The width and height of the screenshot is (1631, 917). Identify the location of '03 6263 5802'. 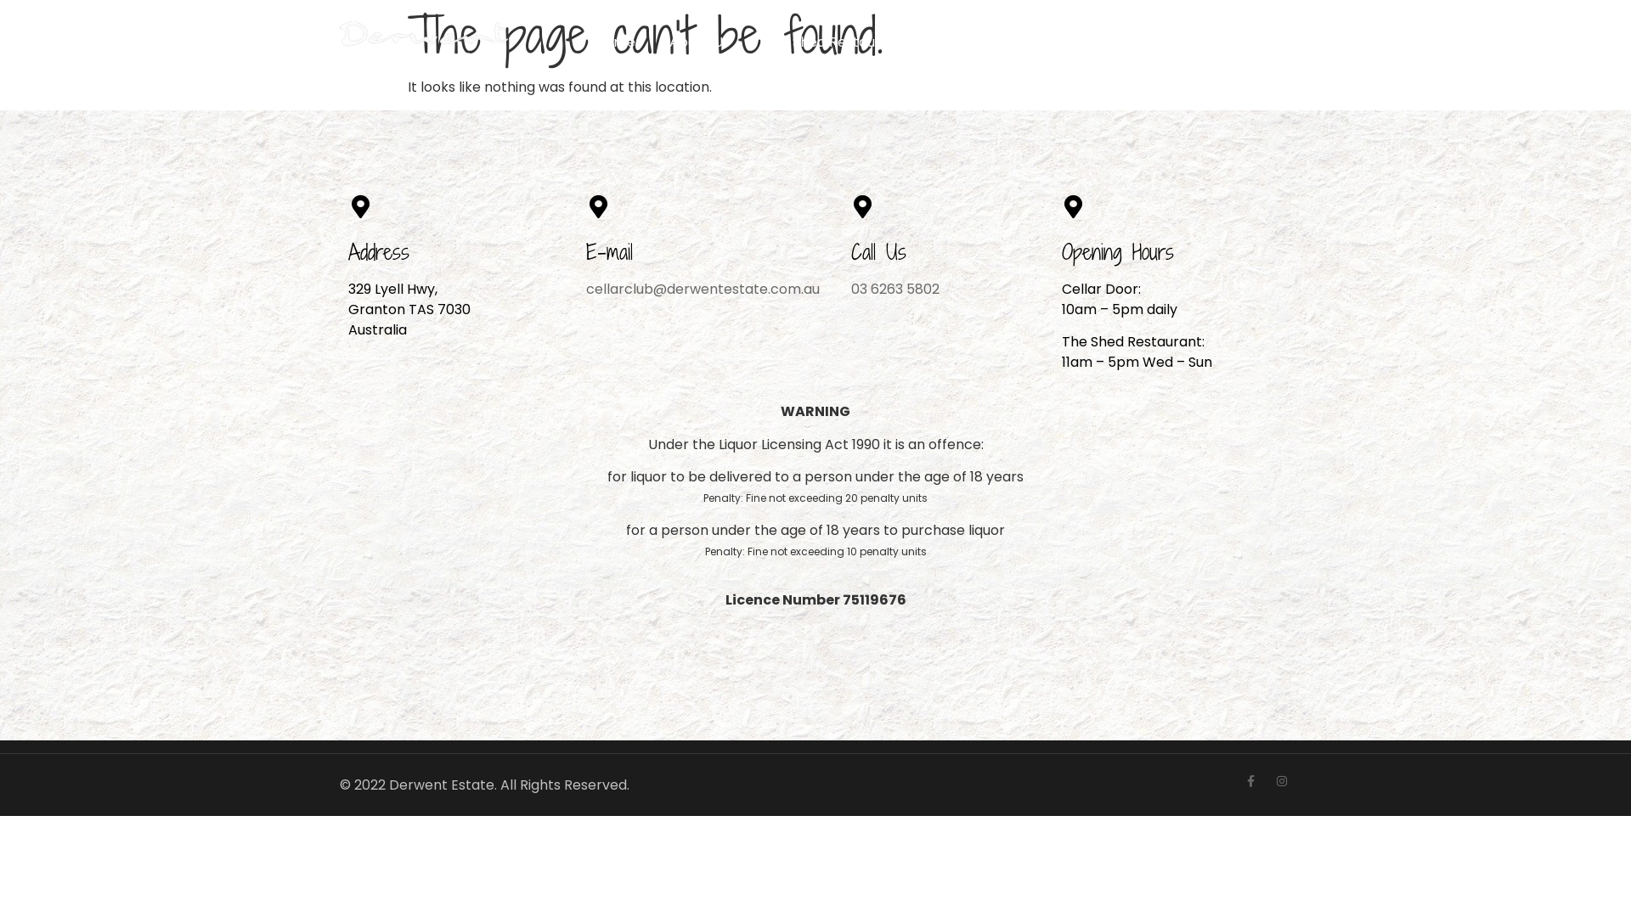
(851, 288).